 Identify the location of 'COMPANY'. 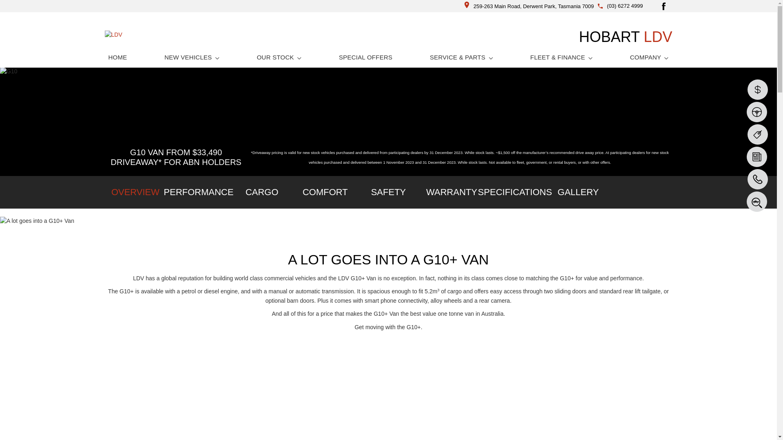
(649, 57).